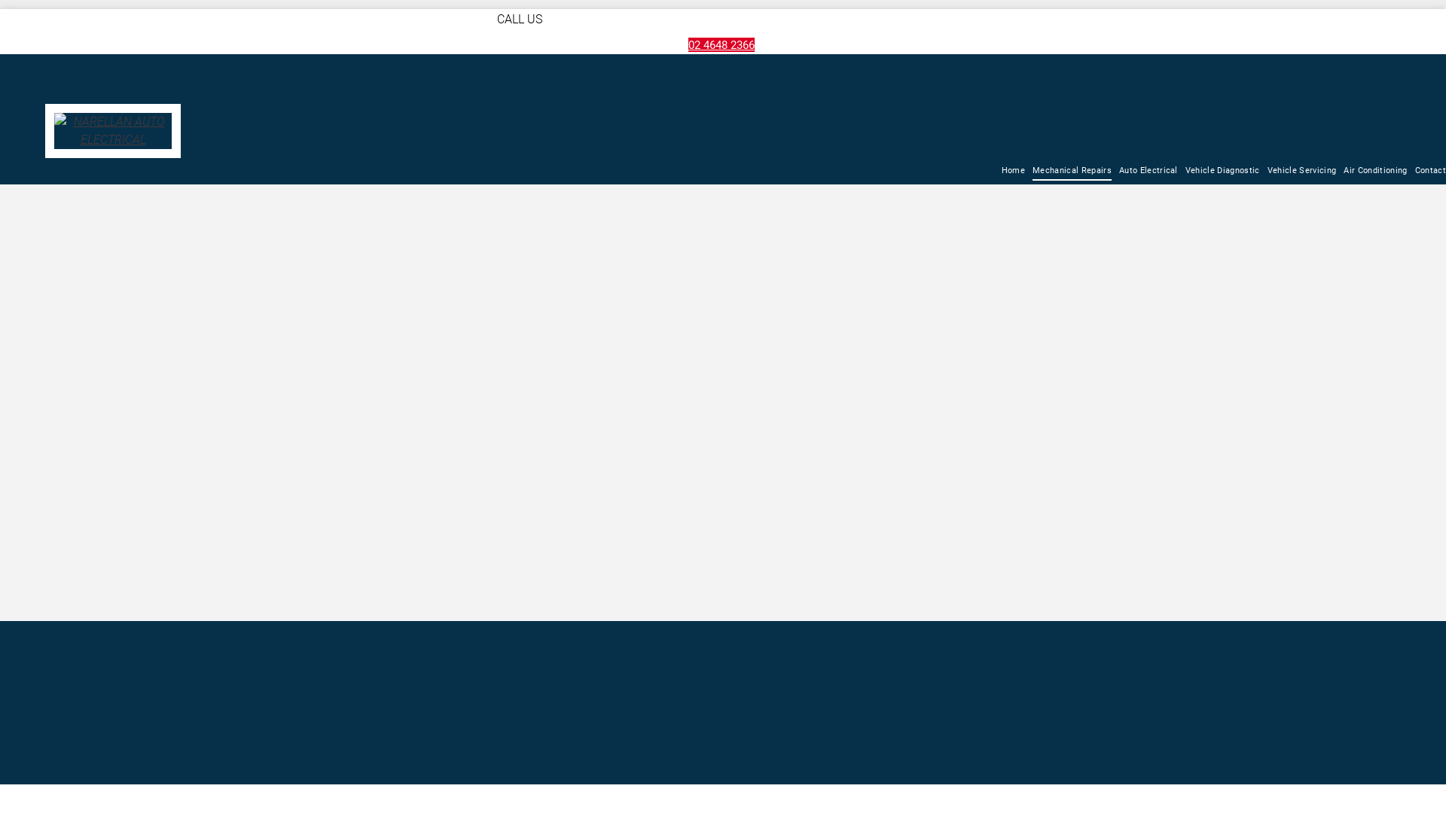  What do you see at coordinates (721, 44) in the screenshot?
I see `'02 4648 2366'` at bounding box center [721, 44].